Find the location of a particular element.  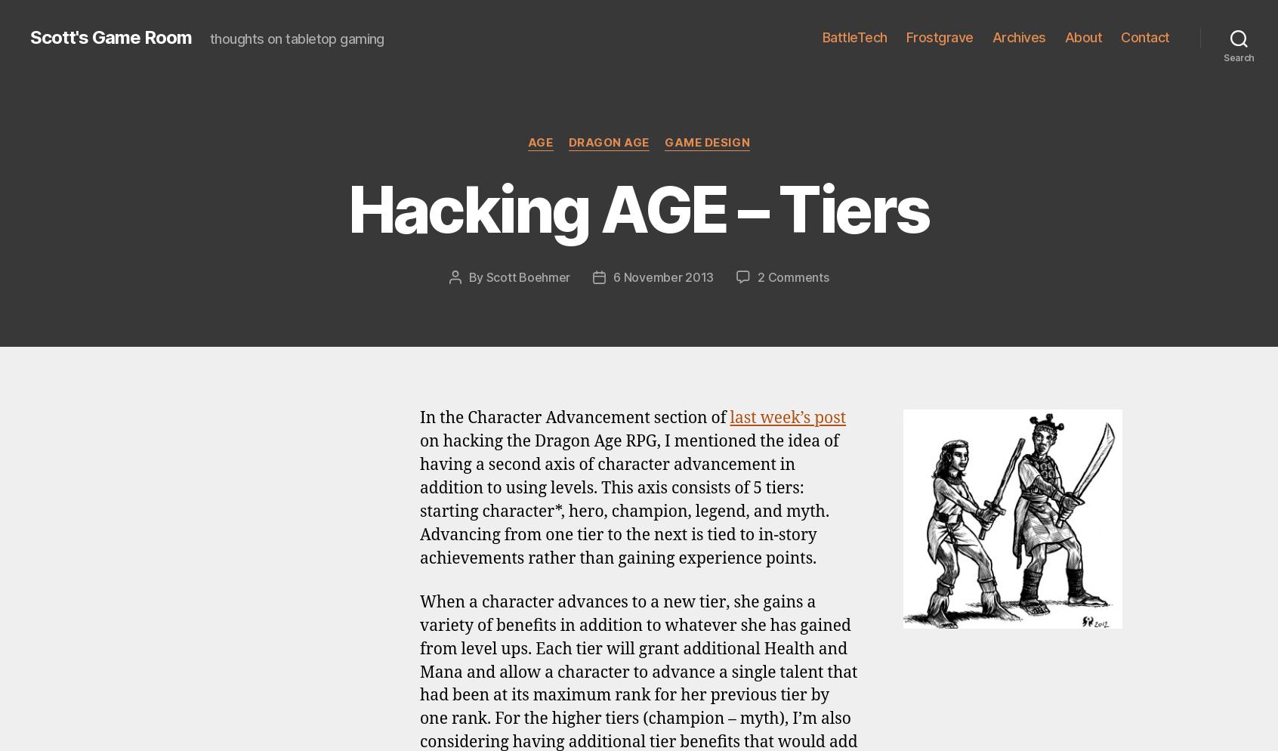

'Hacking AGE – Talents' is located at coordinates (633, 172).